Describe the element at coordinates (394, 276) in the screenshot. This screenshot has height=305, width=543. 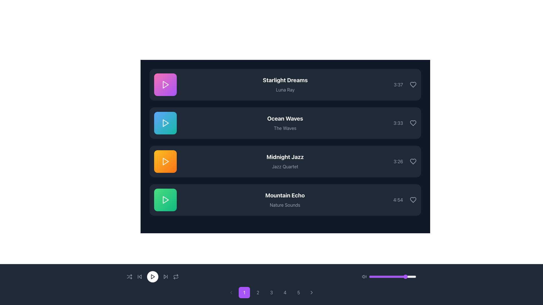
I see `the slider` at that location.